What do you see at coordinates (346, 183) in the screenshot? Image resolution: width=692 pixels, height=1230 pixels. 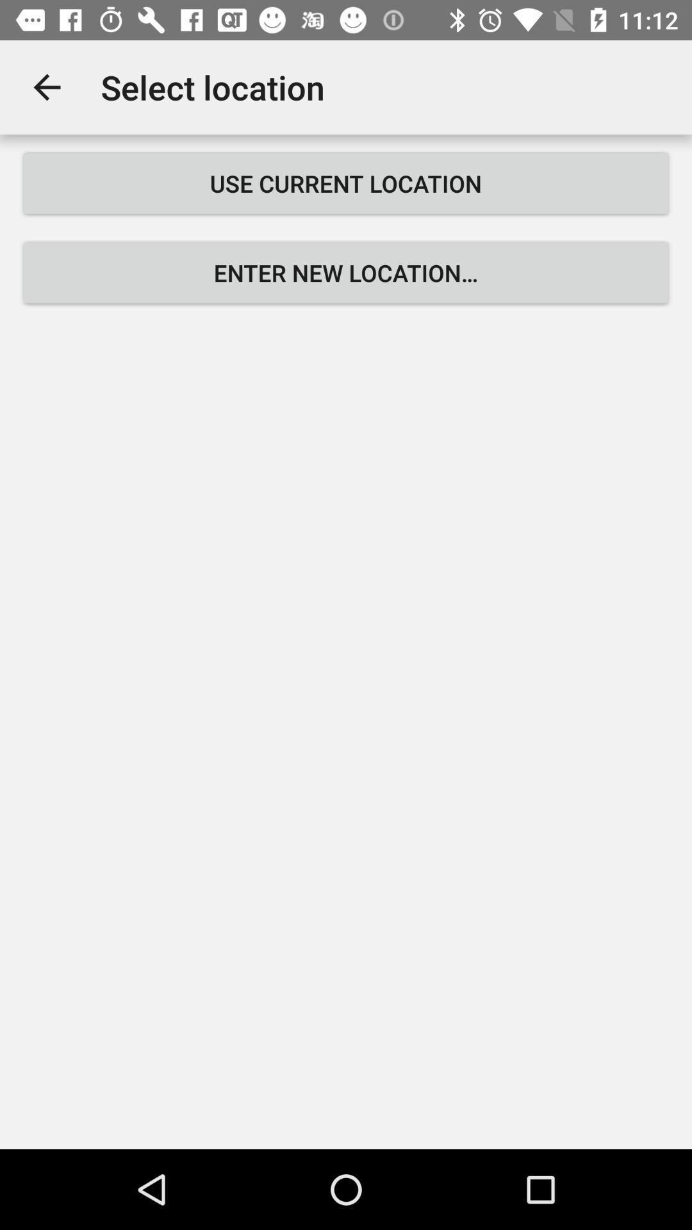 I see `the use current location` at bounding box center [346, 183].